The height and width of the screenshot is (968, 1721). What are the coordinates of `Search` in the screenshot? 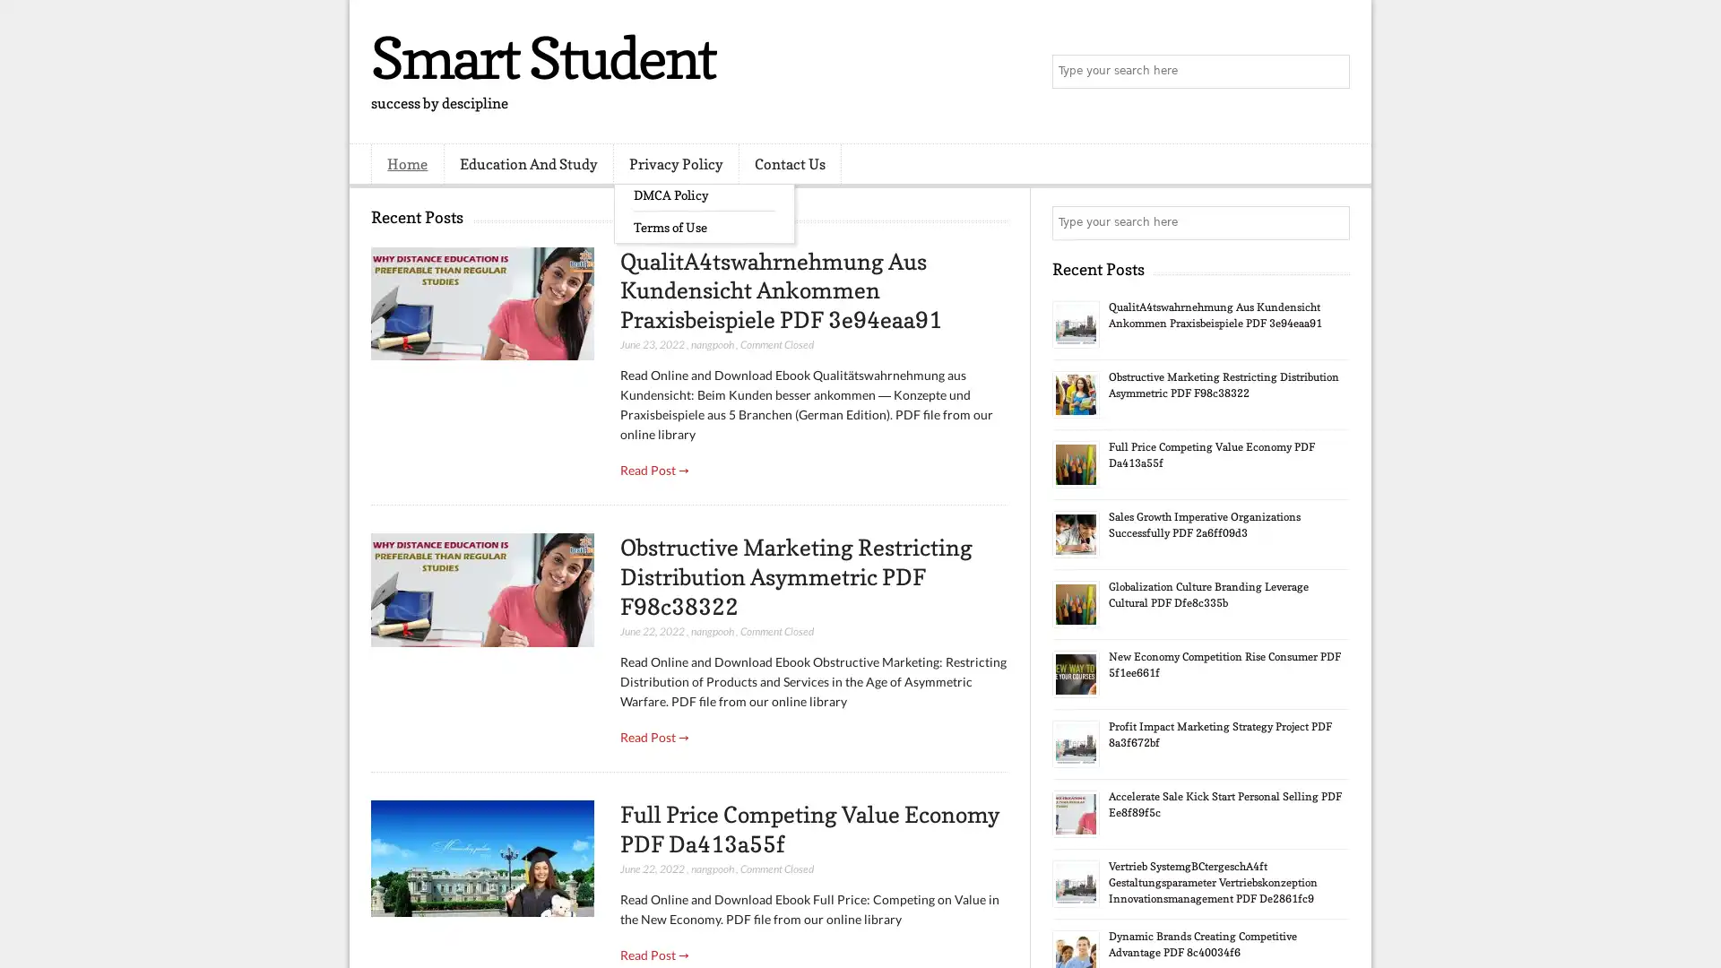 It's located at (1331, 222).